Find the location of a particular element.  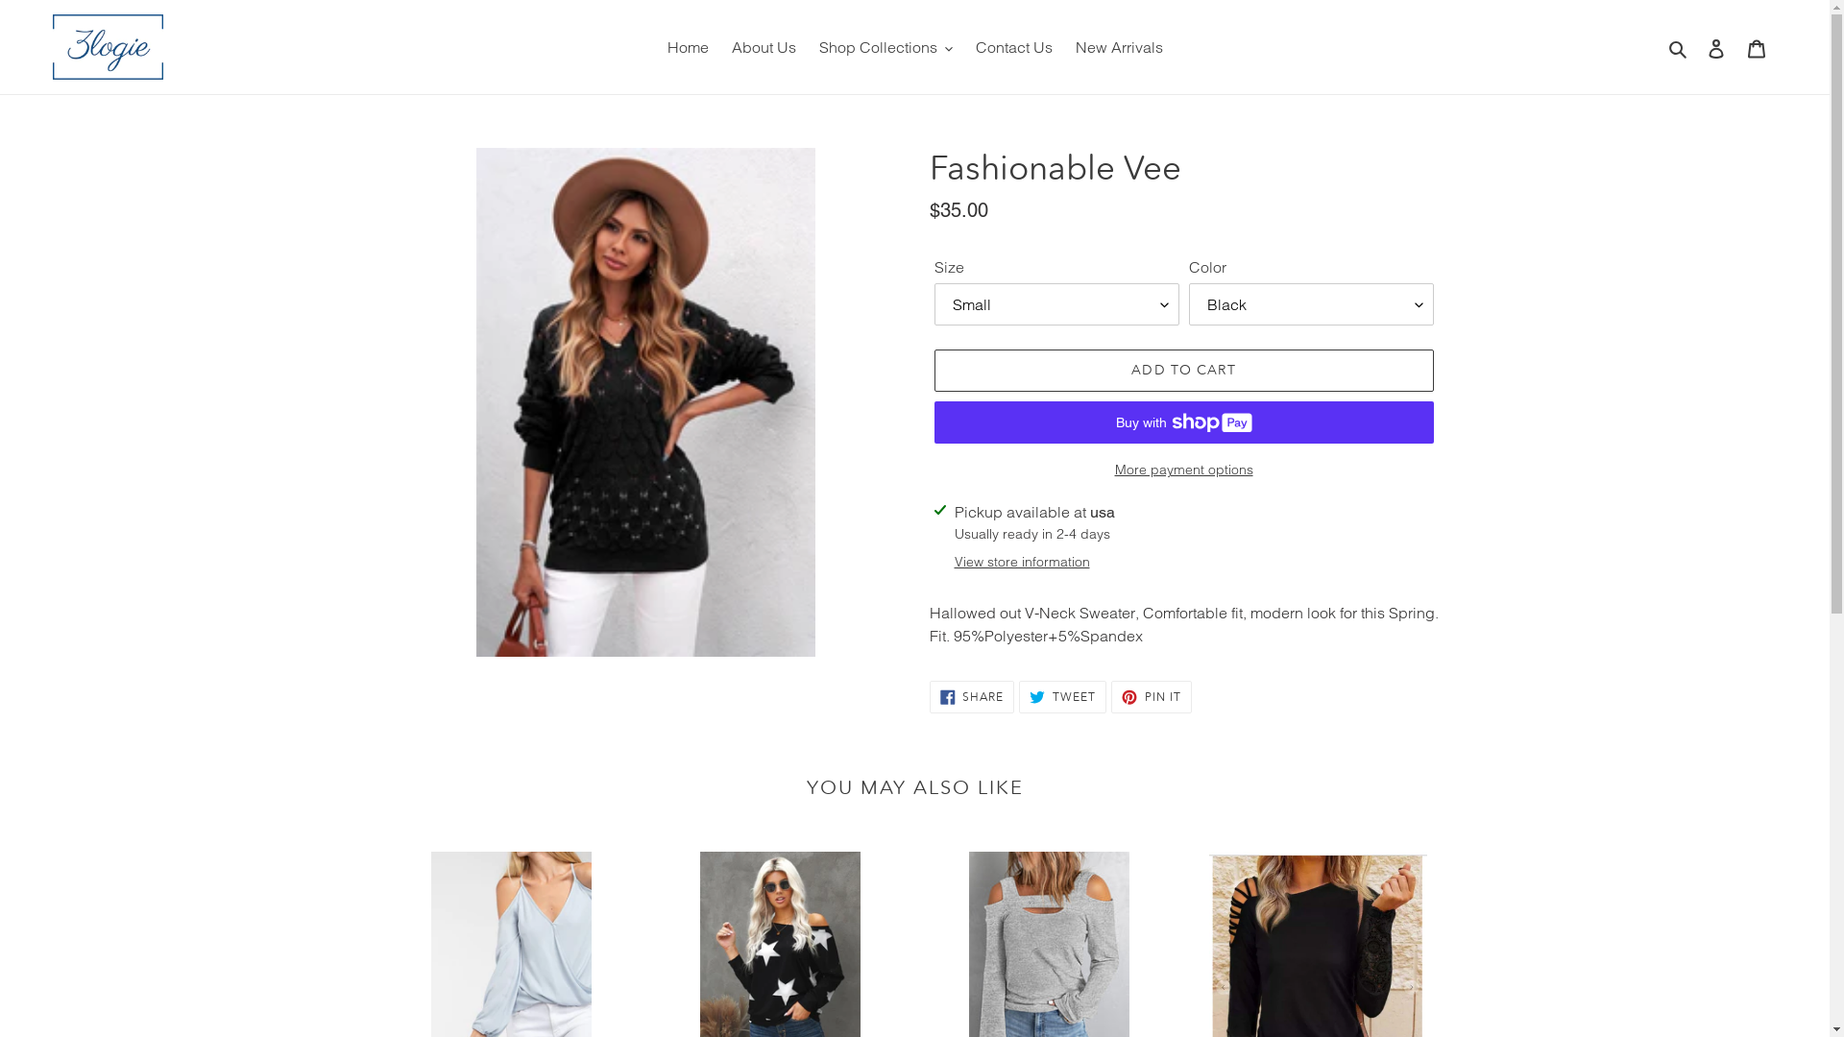

'Shop Collections' is located at coordinates (808, 46).